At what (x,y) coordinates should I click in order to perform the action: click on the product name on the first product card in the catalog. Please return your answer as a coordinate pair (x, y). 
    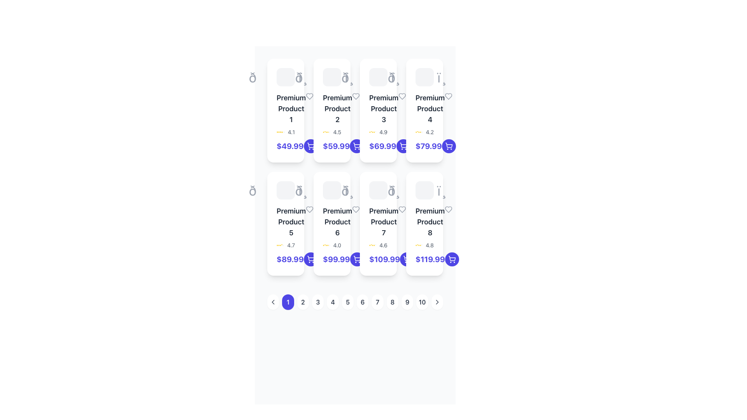
    Looking at the image, I should click on (285, 110).